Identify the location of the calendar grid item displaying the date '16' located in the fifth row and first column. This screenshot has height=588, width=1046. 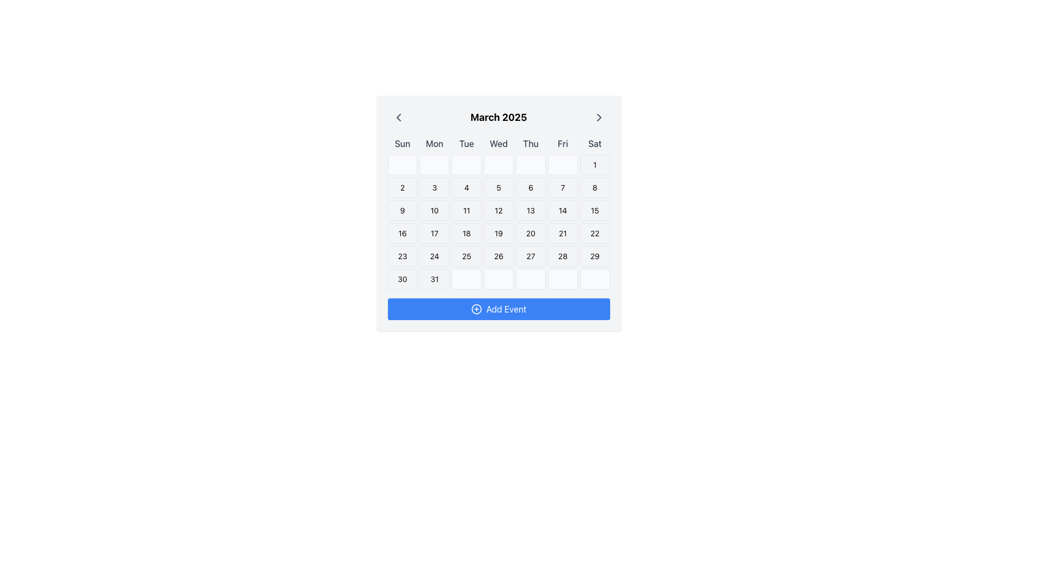
(402, 232).